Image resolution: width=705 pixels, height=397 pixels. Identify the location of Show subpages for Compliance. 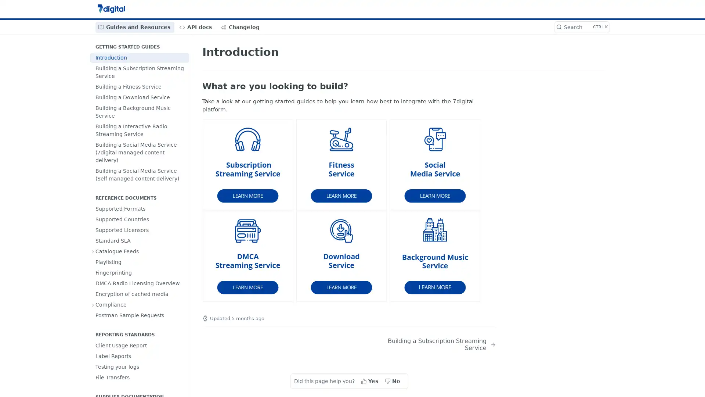
(93, 305).